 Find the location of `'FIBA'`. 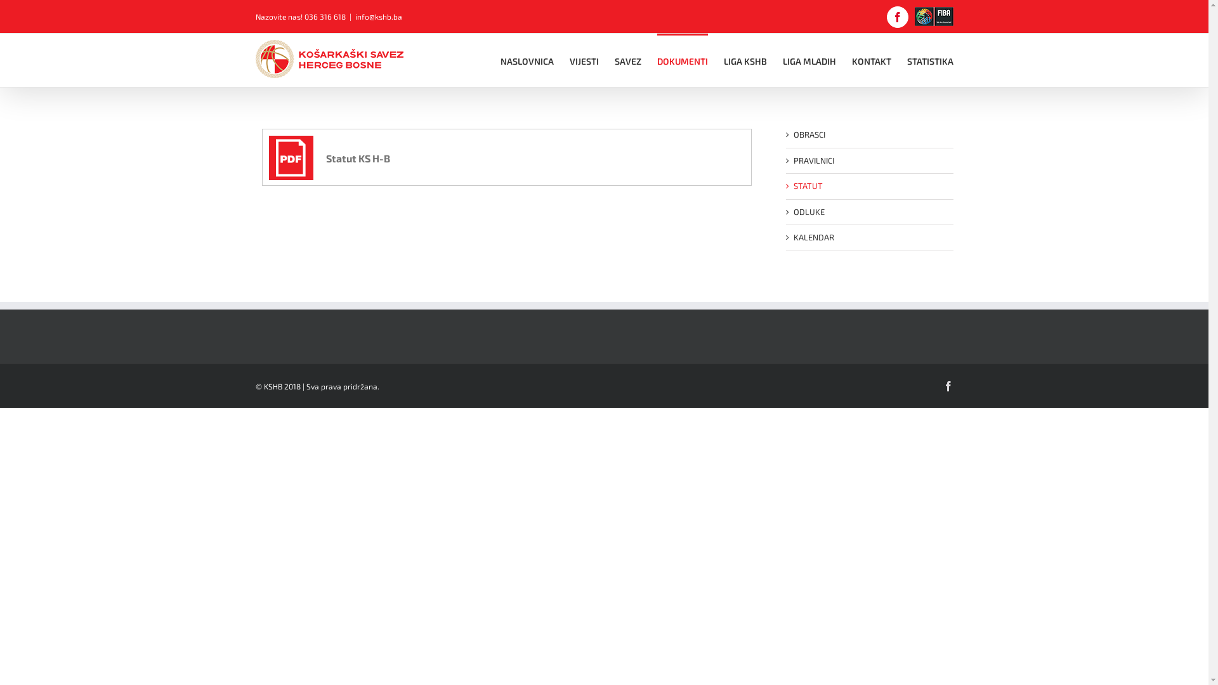

'FIBA' is located at coordinates (934, 16).